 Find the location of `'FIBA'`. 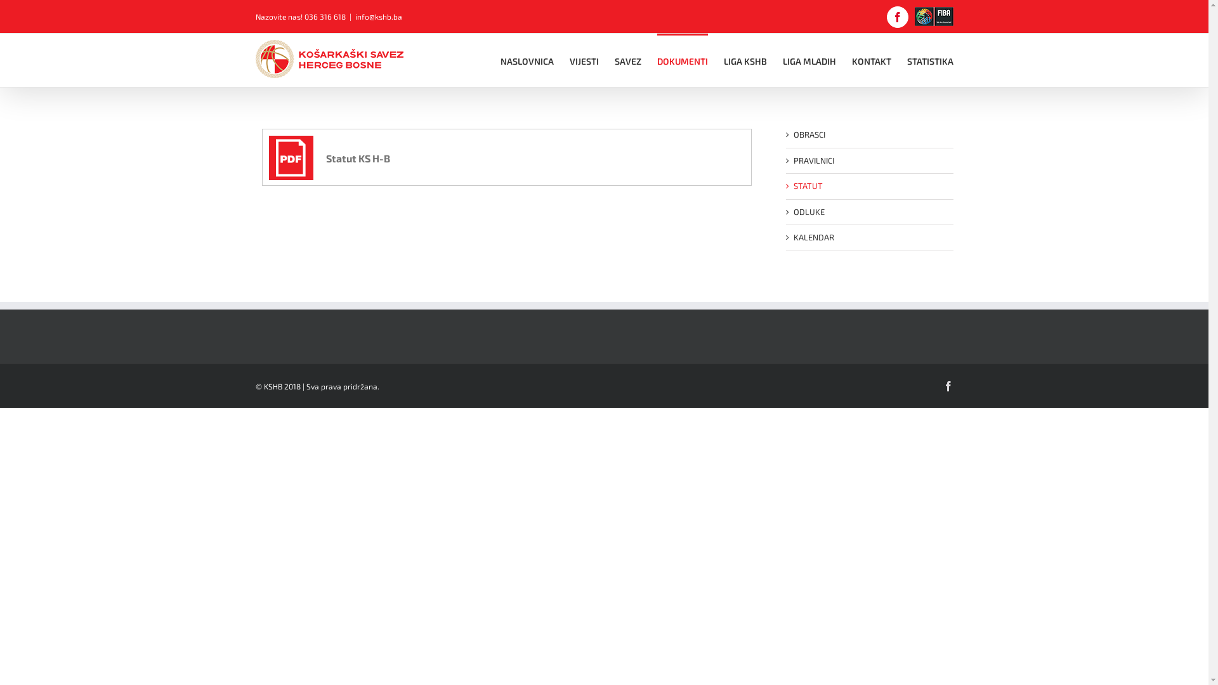

'FIBA' is located at coordinates (934, 16).